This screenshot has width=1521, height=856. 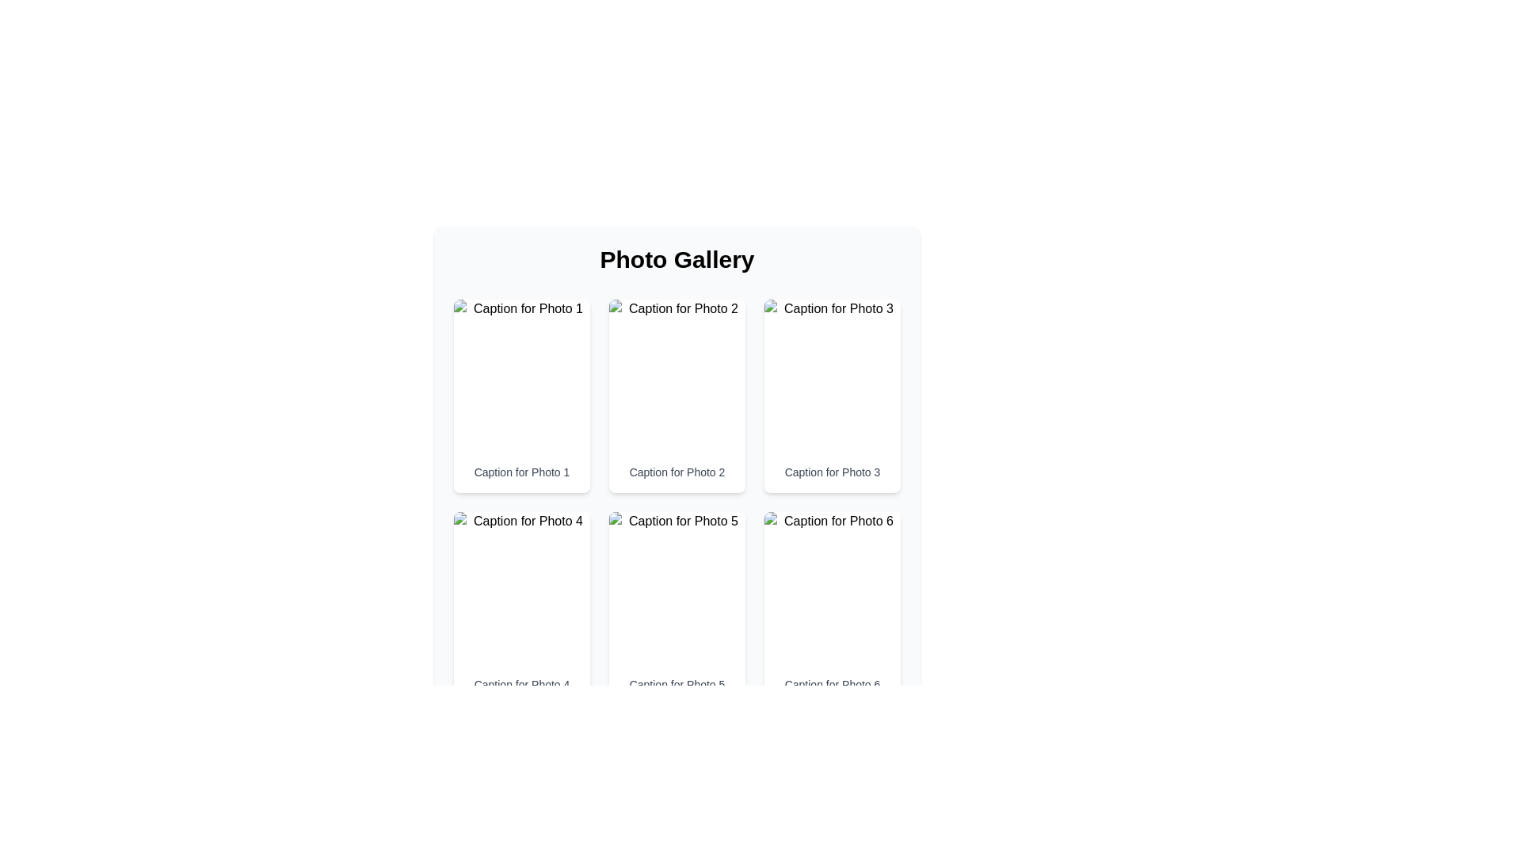 What do you see at coordinates (521, 376) in the screenshot?
I see `the image element that serves as a visual representation` at bounding box center [521, 376].